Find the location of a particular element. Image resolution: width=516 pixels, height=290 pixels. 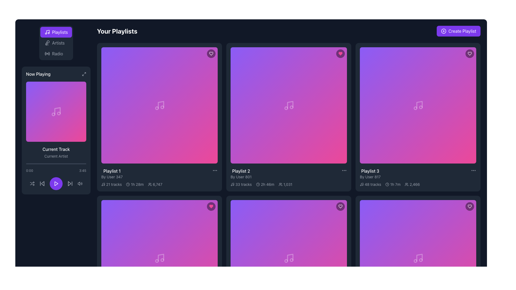

the primary vertical and angled line of the musical note icon, which visually represents a musical note within the SVG interface is located at coordinates (48, 32).